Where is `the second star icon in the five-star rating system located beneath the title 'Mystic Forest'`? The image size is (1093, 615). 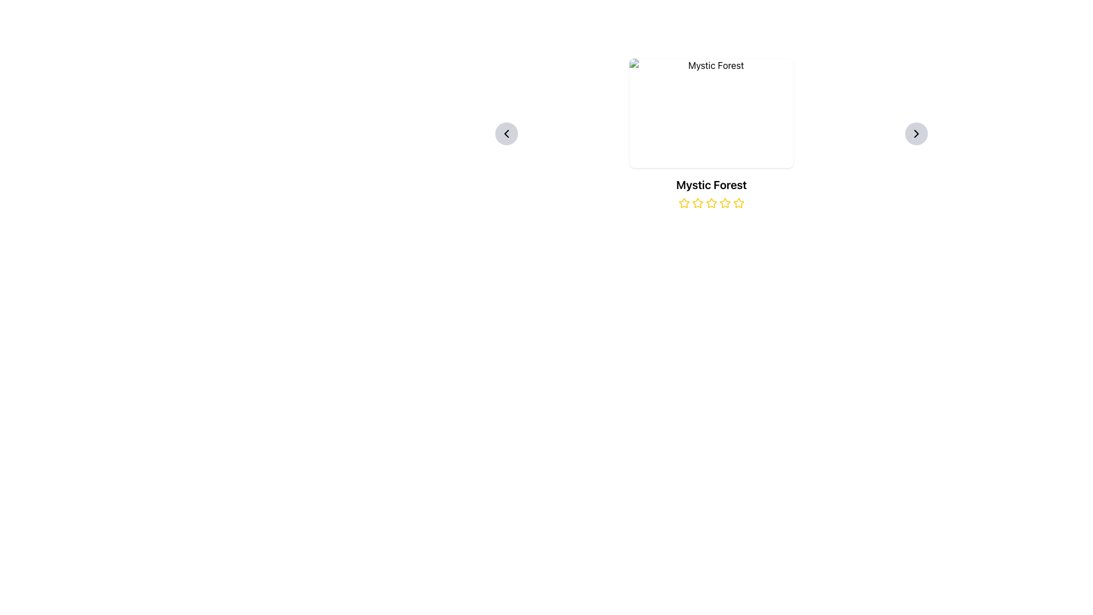 the second star icon in the five-star rating system located beneath the title 'Mystic Forest' is located at coordinates (697, 203).